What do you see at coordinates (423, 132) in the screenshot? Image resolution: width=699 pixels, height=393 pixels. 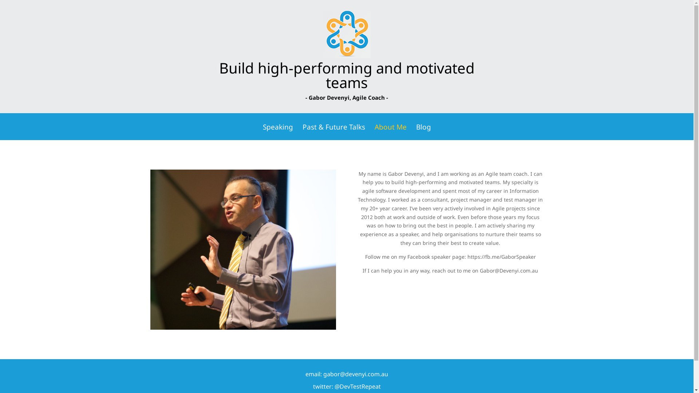 I see `'Blog'` at bounding box center [423, 132].